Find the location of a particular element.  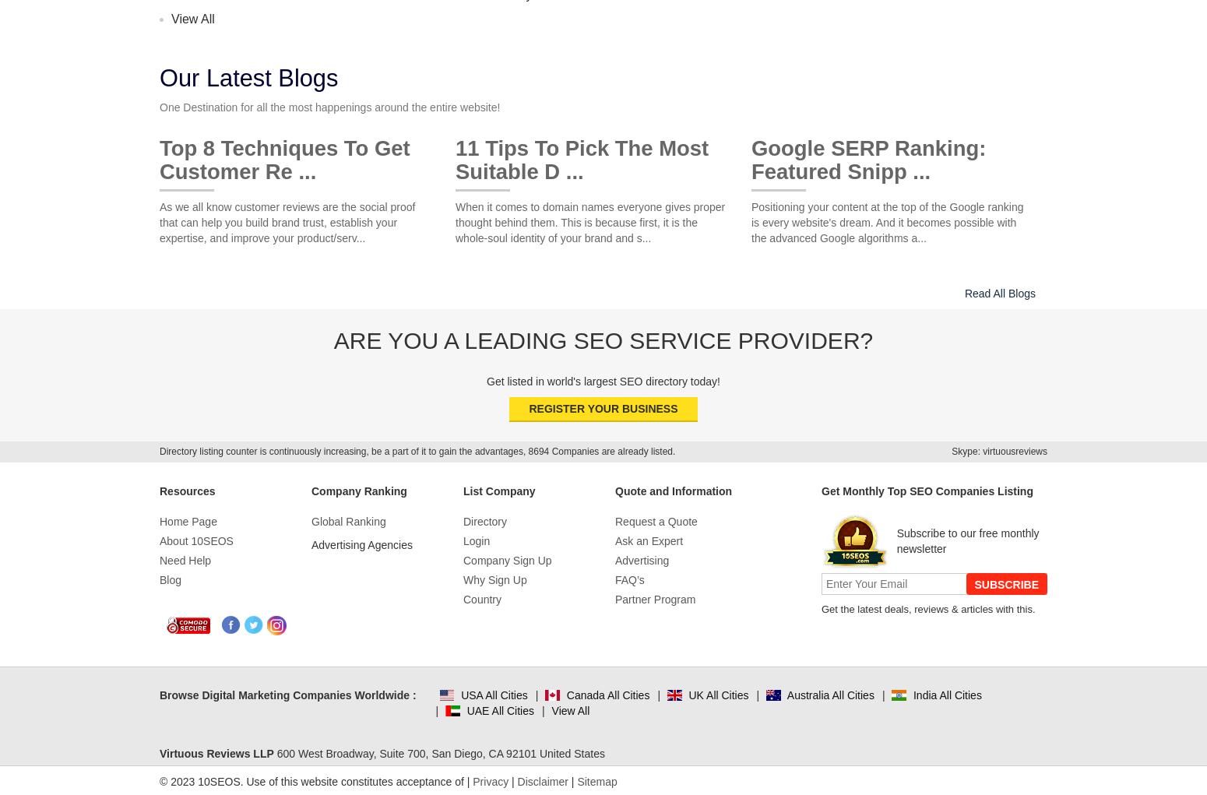

'Disclaimer' is located at coordinates (541, 781).